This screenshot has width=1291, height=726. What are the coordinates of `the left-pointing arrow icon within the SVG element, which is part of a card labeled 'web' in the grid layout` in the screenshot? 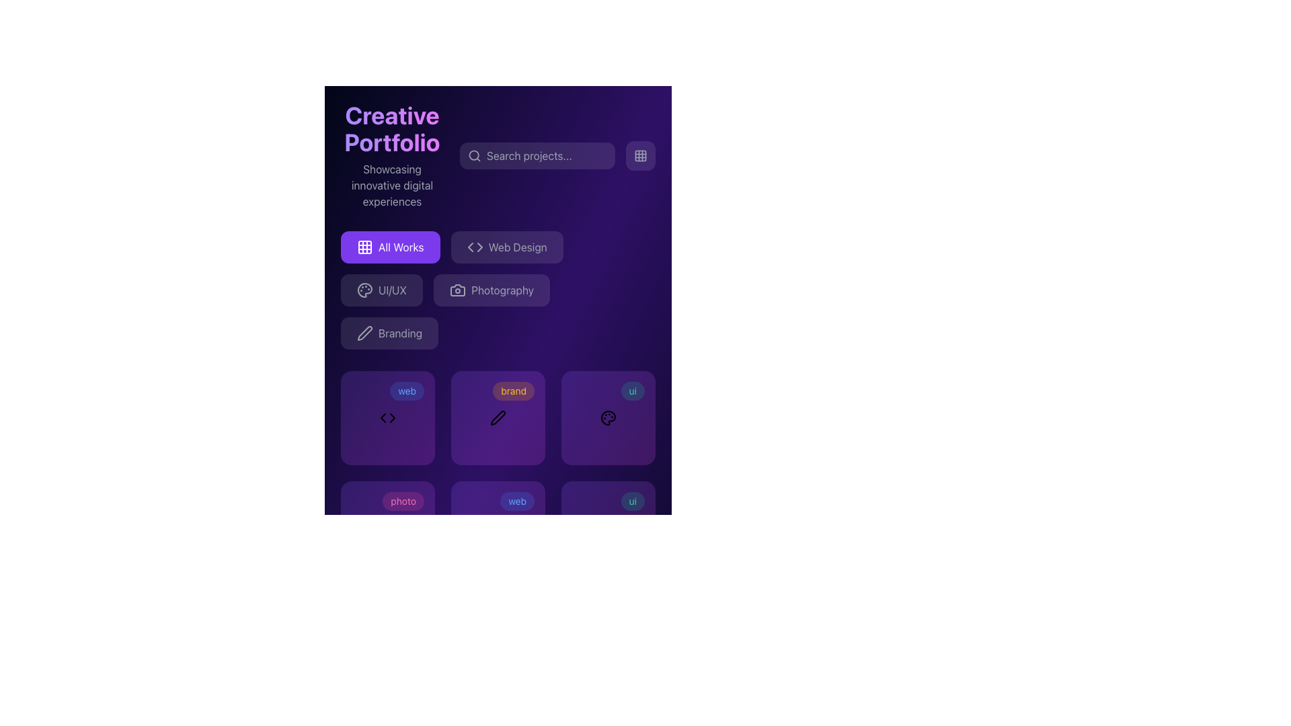 It's located at (383, 417).